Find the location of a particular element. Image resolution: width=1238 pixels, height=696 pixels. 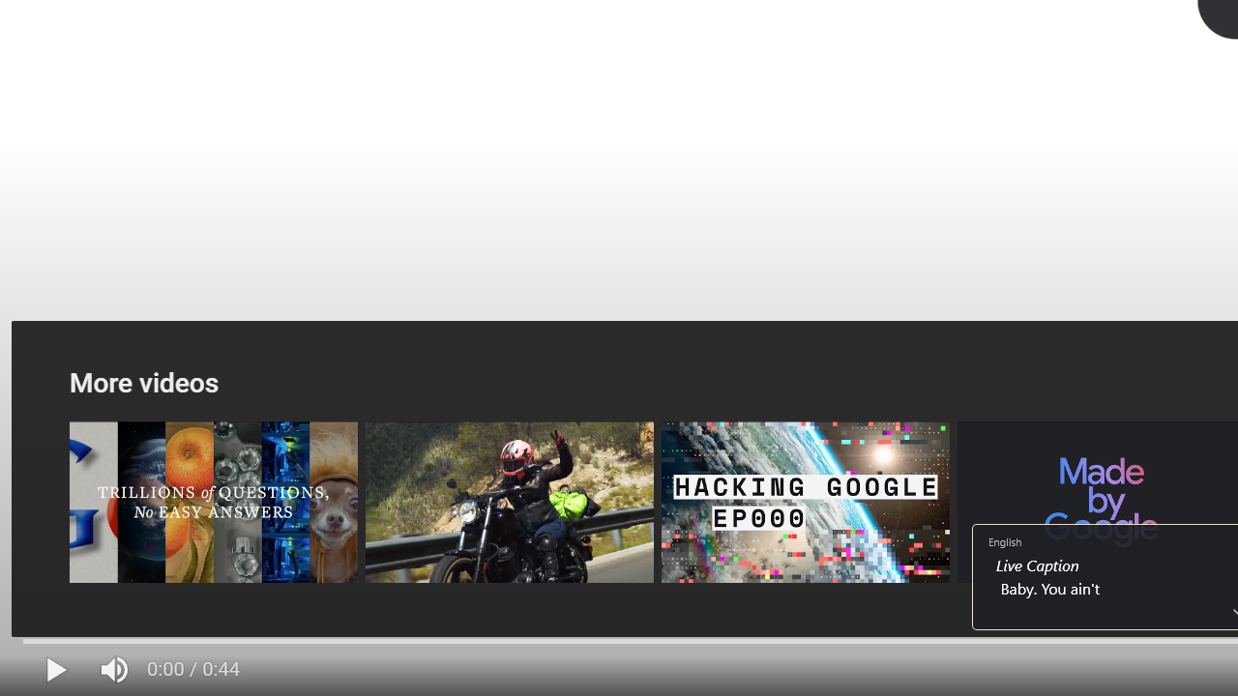

'Operation Aurora | HACKING GOOGLE | Documentary EP000' is located at coordinates (805, 501).